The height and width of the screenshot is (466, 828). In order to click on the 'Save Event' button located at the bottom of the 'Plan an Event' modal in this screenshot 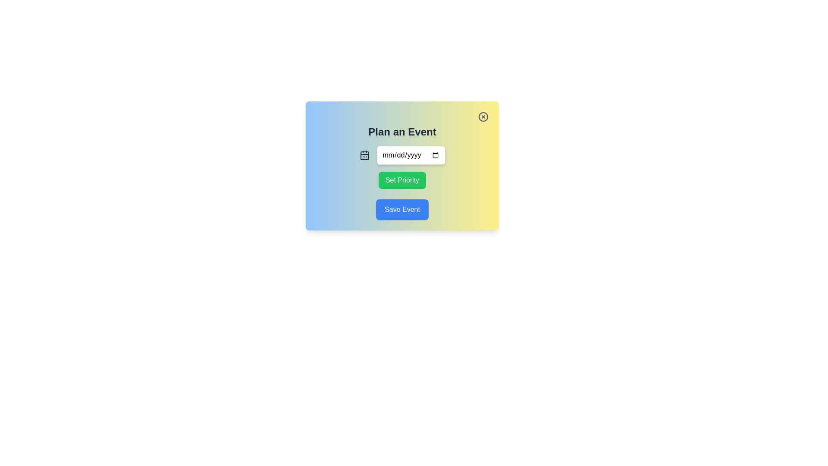, I will do `click(401, 210)`.